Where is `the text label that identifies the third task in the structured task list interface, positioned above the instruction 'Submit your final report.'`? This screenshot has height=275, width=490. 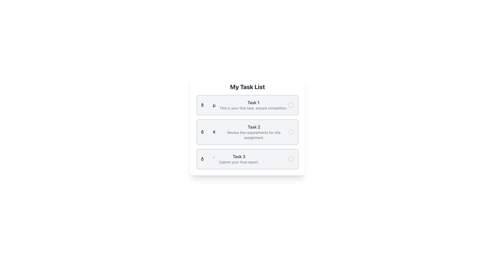 the text label that identifies the third task in the structured task list interface, positioned above the instruction 'Submit your final report.' is located at coordinates (239, 156).